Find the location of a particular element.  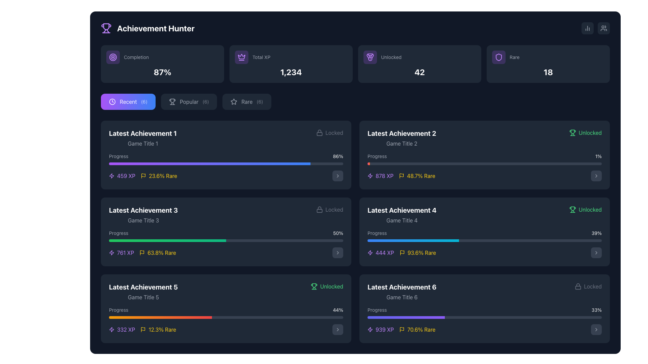

the progress bar styled with a gradient from amber to red, located in the 'Latest Achievement 5' section, which displays 'Progress' on the left and '44%' on the right is located at coordinates (226, 313).